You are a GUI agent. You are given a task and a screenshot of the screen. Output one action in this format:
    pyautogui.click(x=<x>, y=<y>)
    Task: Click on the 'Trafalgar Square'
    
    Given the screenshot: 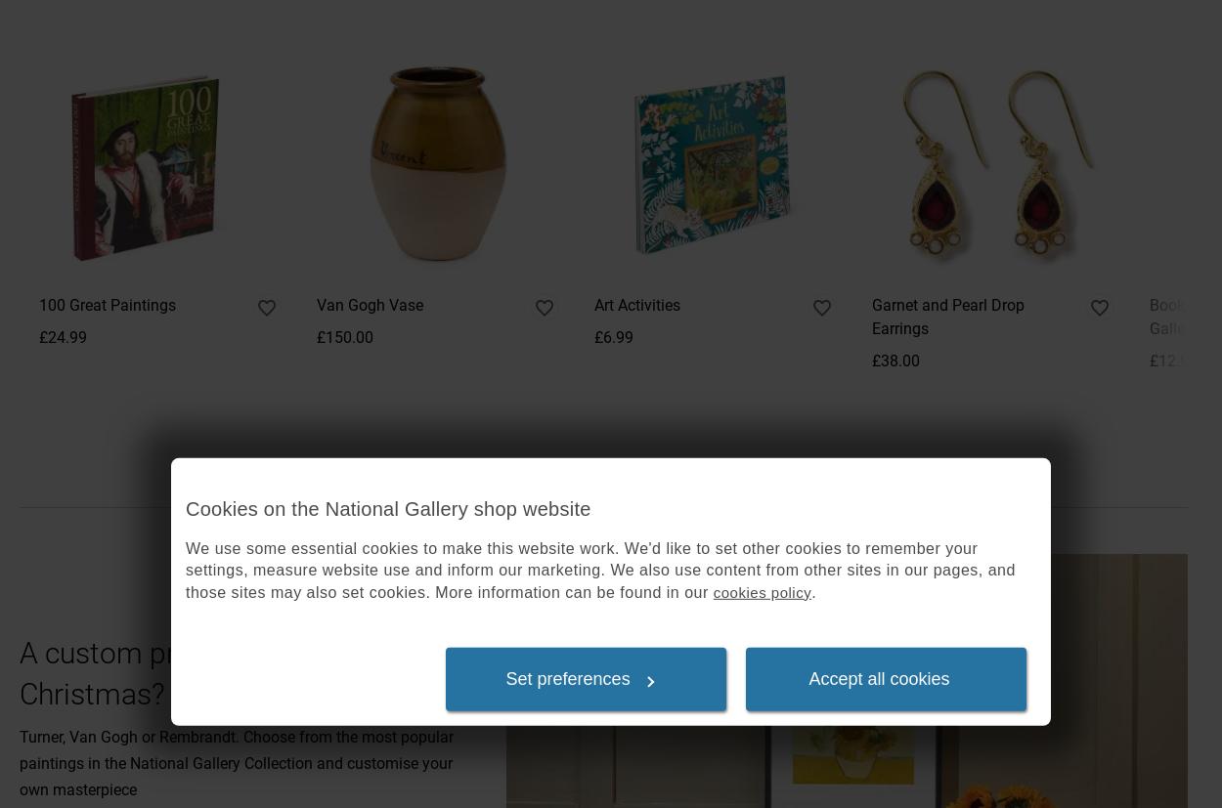 What is the action you would take?
    pyautogui.click(x=75, y=199)
    